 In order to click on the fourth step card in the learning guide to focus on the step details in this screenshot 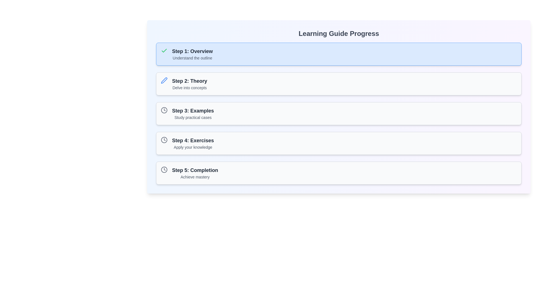, I will do `click(338, 143)`.